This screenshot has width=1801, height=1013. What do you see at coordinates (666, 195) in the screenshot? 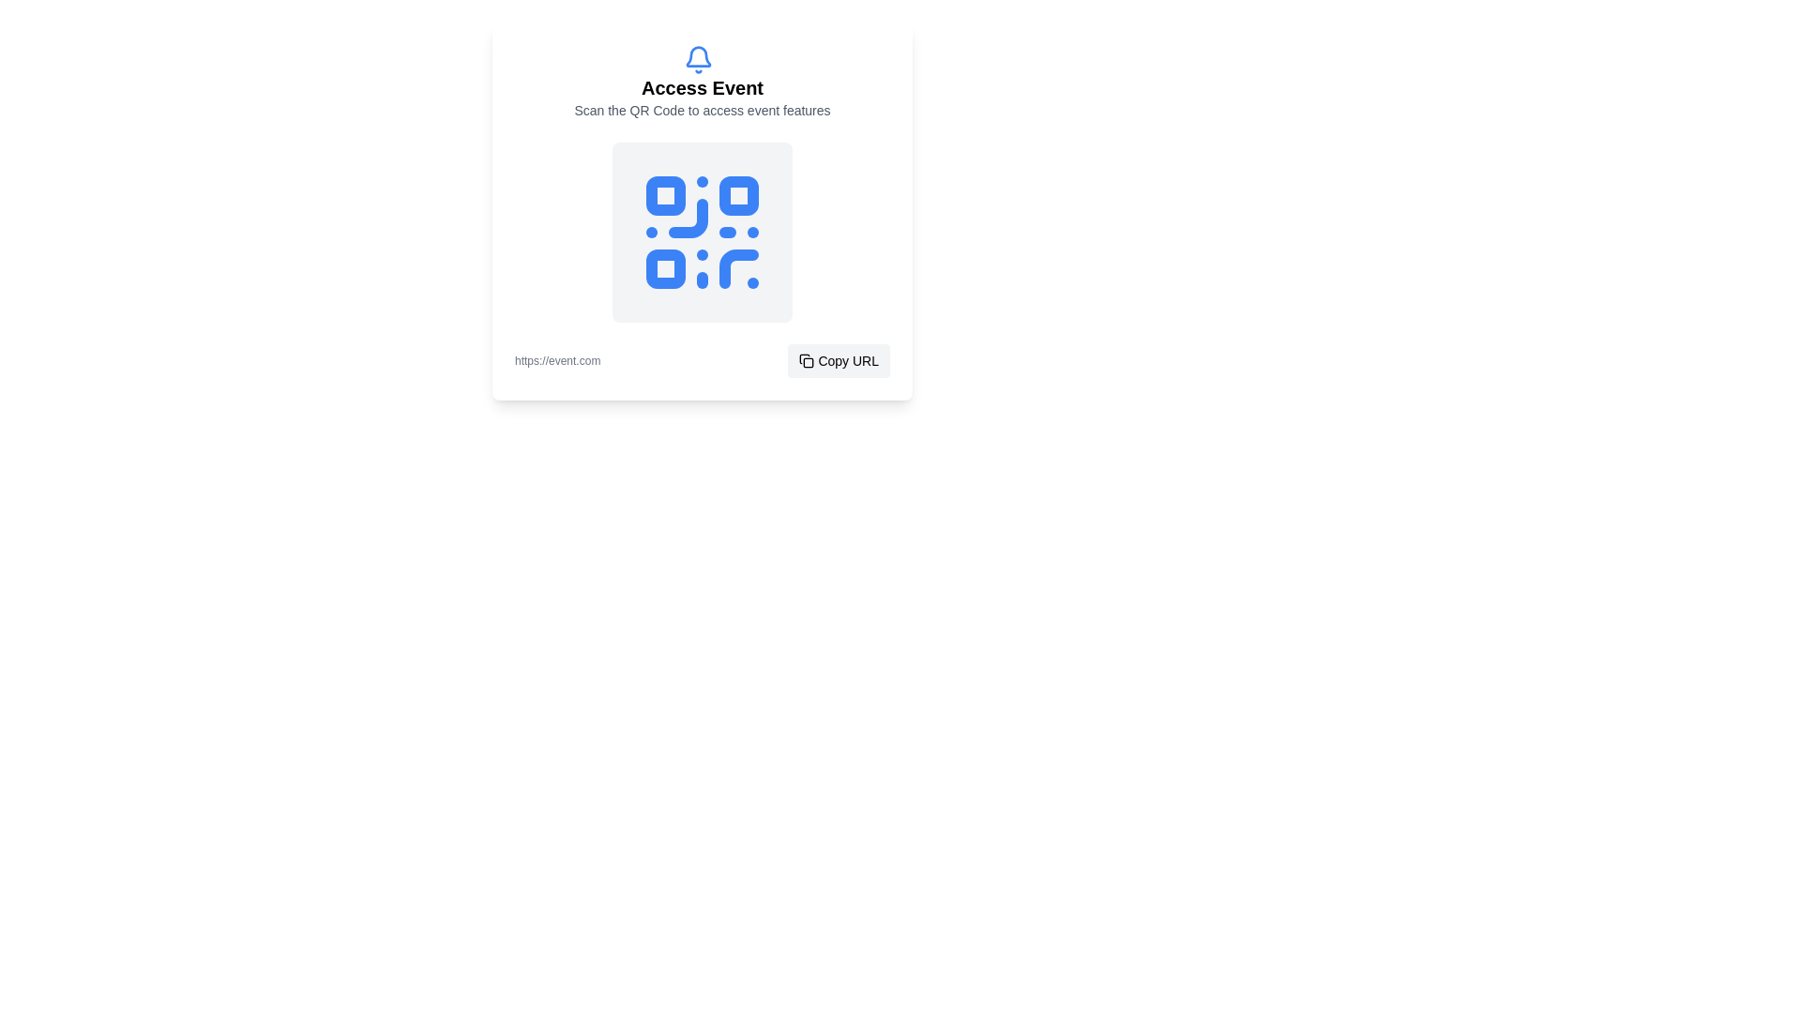
I see `the small square with rounded corners located in the upper-left part of the QR code, styled with a blue fill and white background` at bounding box center [666, 195].